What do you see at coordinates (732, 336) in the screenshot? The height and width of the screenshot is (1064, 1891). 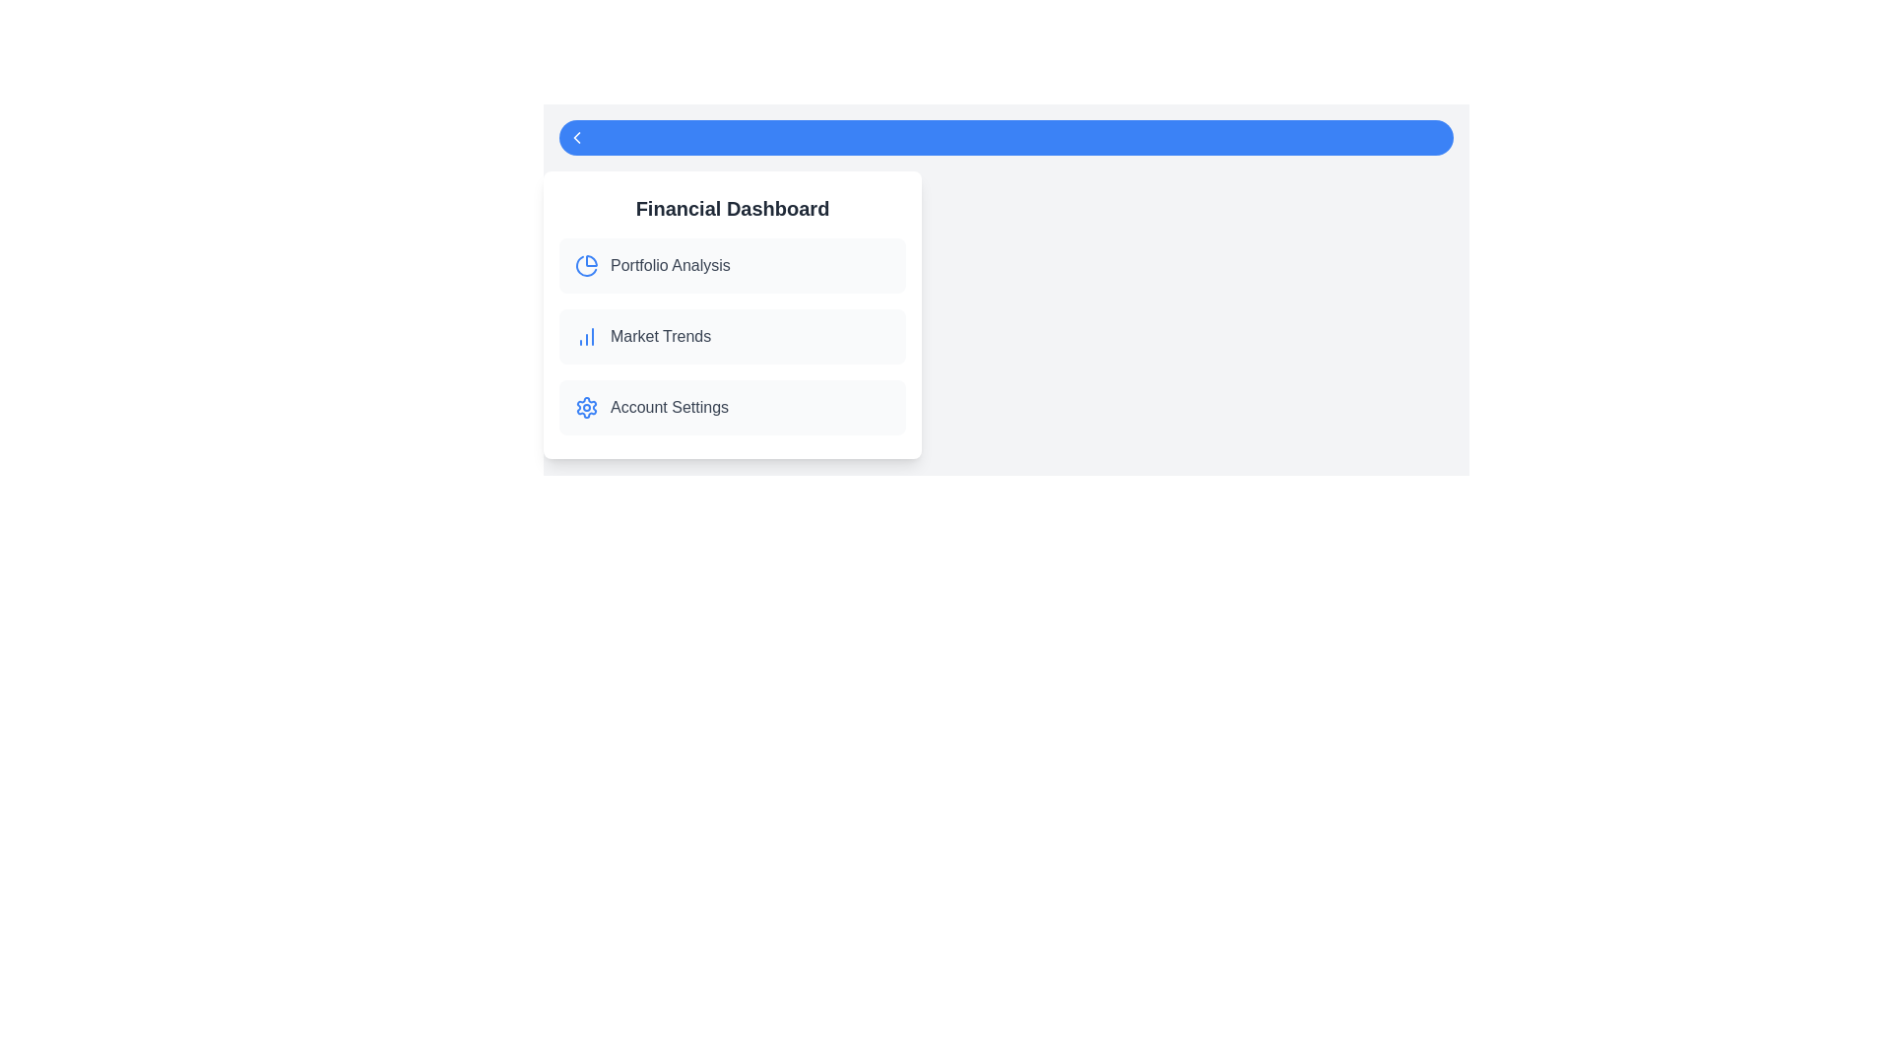 I see `the 'Market Trends' panel` at bounding box center [732, 336].